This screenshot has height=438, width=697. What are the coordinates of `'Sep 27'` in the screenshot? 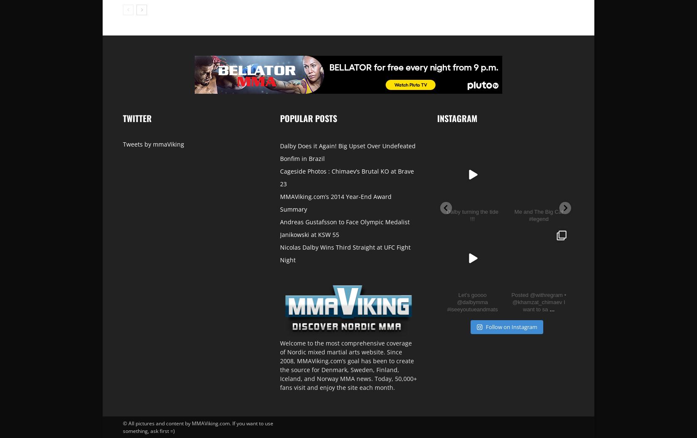 It's located at (607, 196).